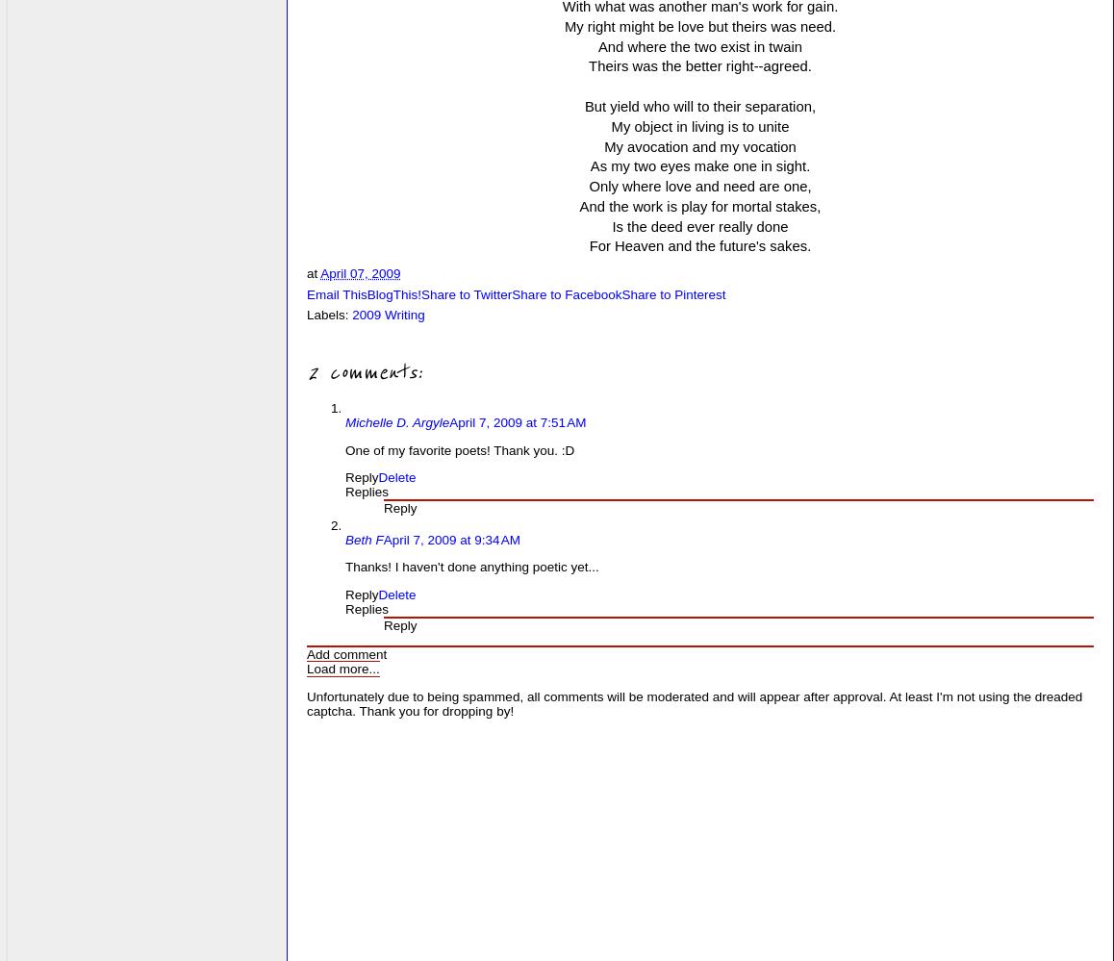 The width and height of the screenshot is (1114, 961). Describe the element at coordinates (518, 421) in the screenshot. I see `'April 7, 2009 at 7:51 AM'` at that location.